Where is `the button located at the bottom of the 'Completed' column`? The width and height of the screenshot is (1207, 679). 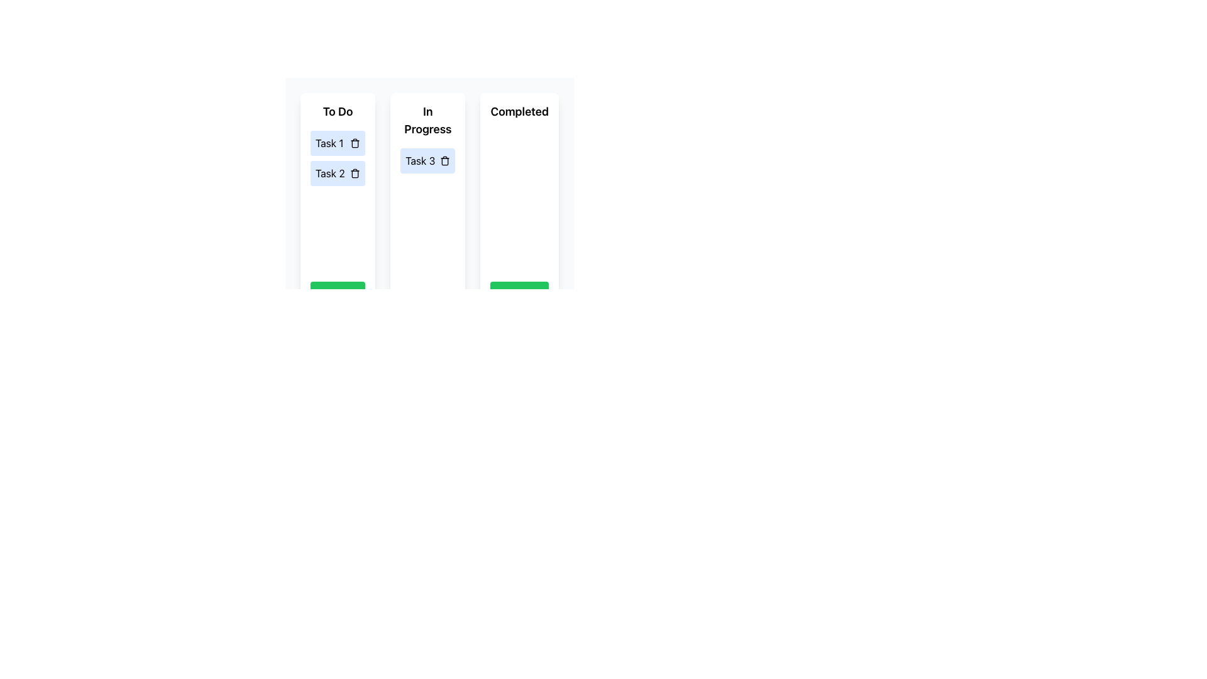
the button located at the bottom of the 'Completed' column is located at coordinates (519, 301).